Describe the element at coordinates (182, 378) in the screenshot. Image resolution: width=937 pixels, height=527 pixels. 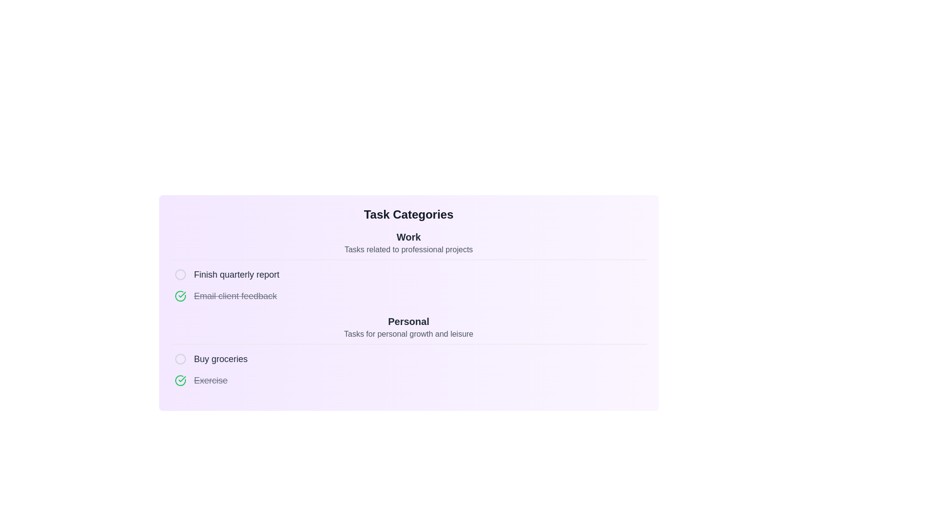
I see `the green checkmark icon associated with the task item 'Email client feedback' under the 'Work' category to signify its completion` at that location.